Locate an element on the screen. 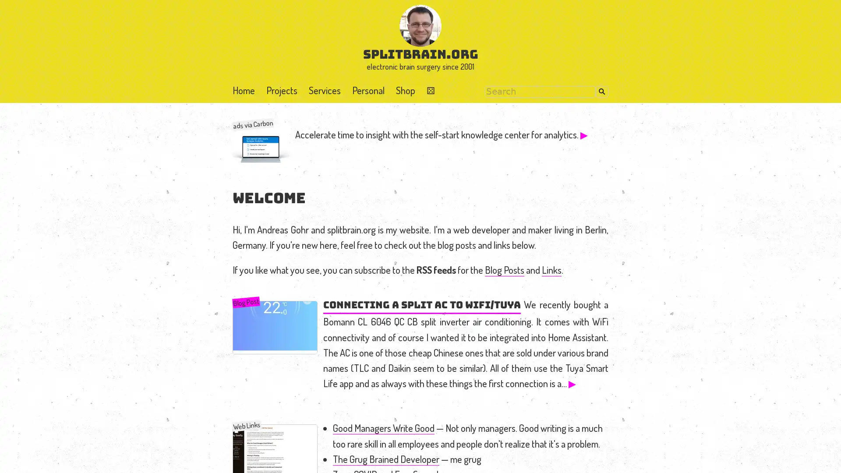  Search is located at coordinates (601, 92).